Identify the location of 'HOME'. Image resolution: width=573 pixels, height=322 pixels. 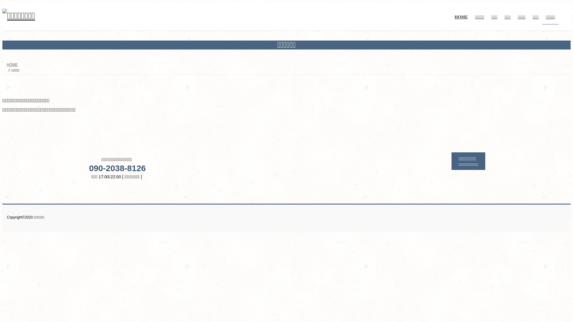
(12, 64).